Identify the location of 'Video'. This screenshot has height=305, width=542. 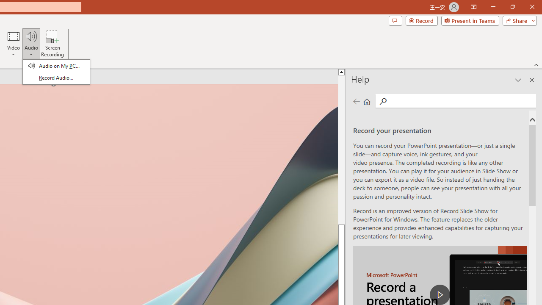
(14, 44).